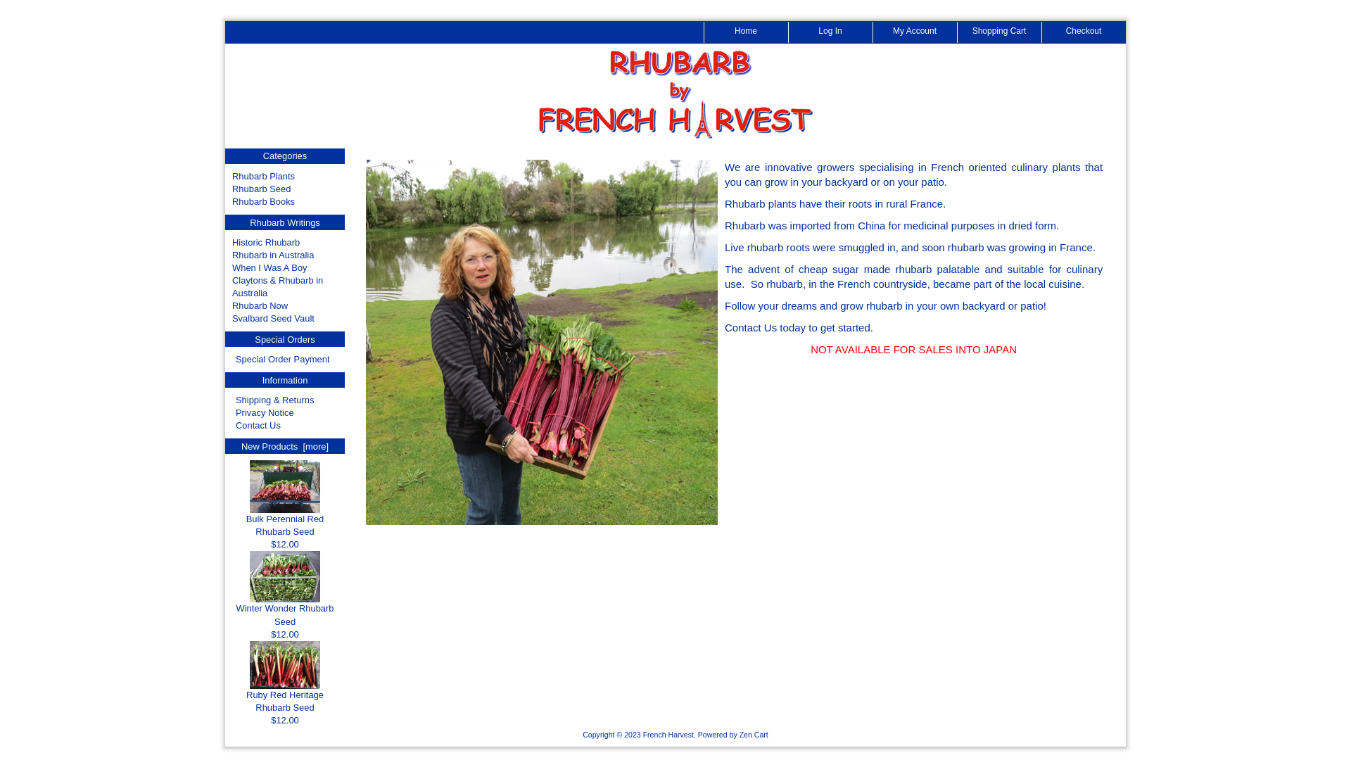  What do you see at coordinates (703, 32) in the screenshot?
I see `'Home'` at bounding box center [703, 32].